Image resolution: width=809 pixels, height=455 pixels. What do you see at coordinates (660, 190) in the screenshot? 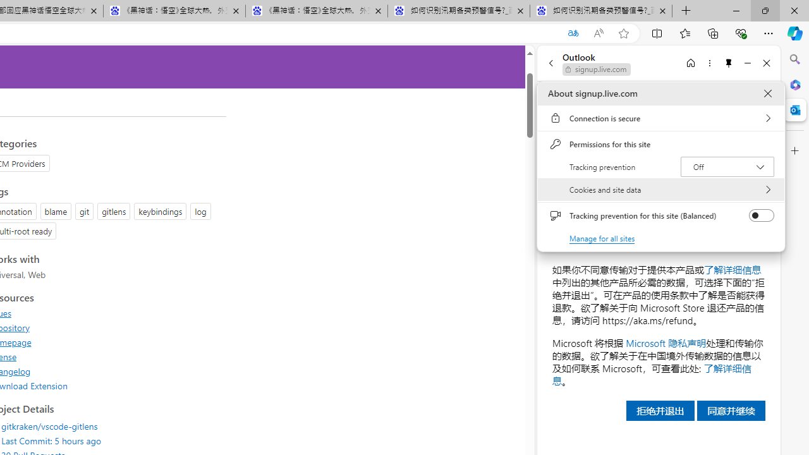
I see `'Cookies and site data'` at bounding box center [660, 190].